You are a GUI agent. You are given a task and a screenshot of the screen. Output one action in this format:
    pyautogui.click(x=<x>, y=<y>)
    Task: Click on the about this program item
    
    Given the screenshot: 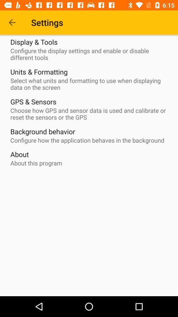 What is the action you would take?
    pyautogui.click(x=36, y=162)
    